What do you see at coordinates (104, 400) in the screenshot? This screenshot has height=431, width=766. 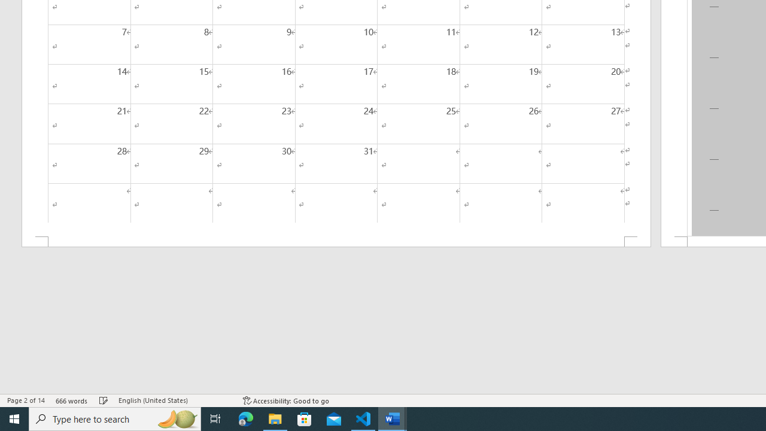 I see `'Spelling and Grammar Check Checking'` at bounding box center [104, 400].